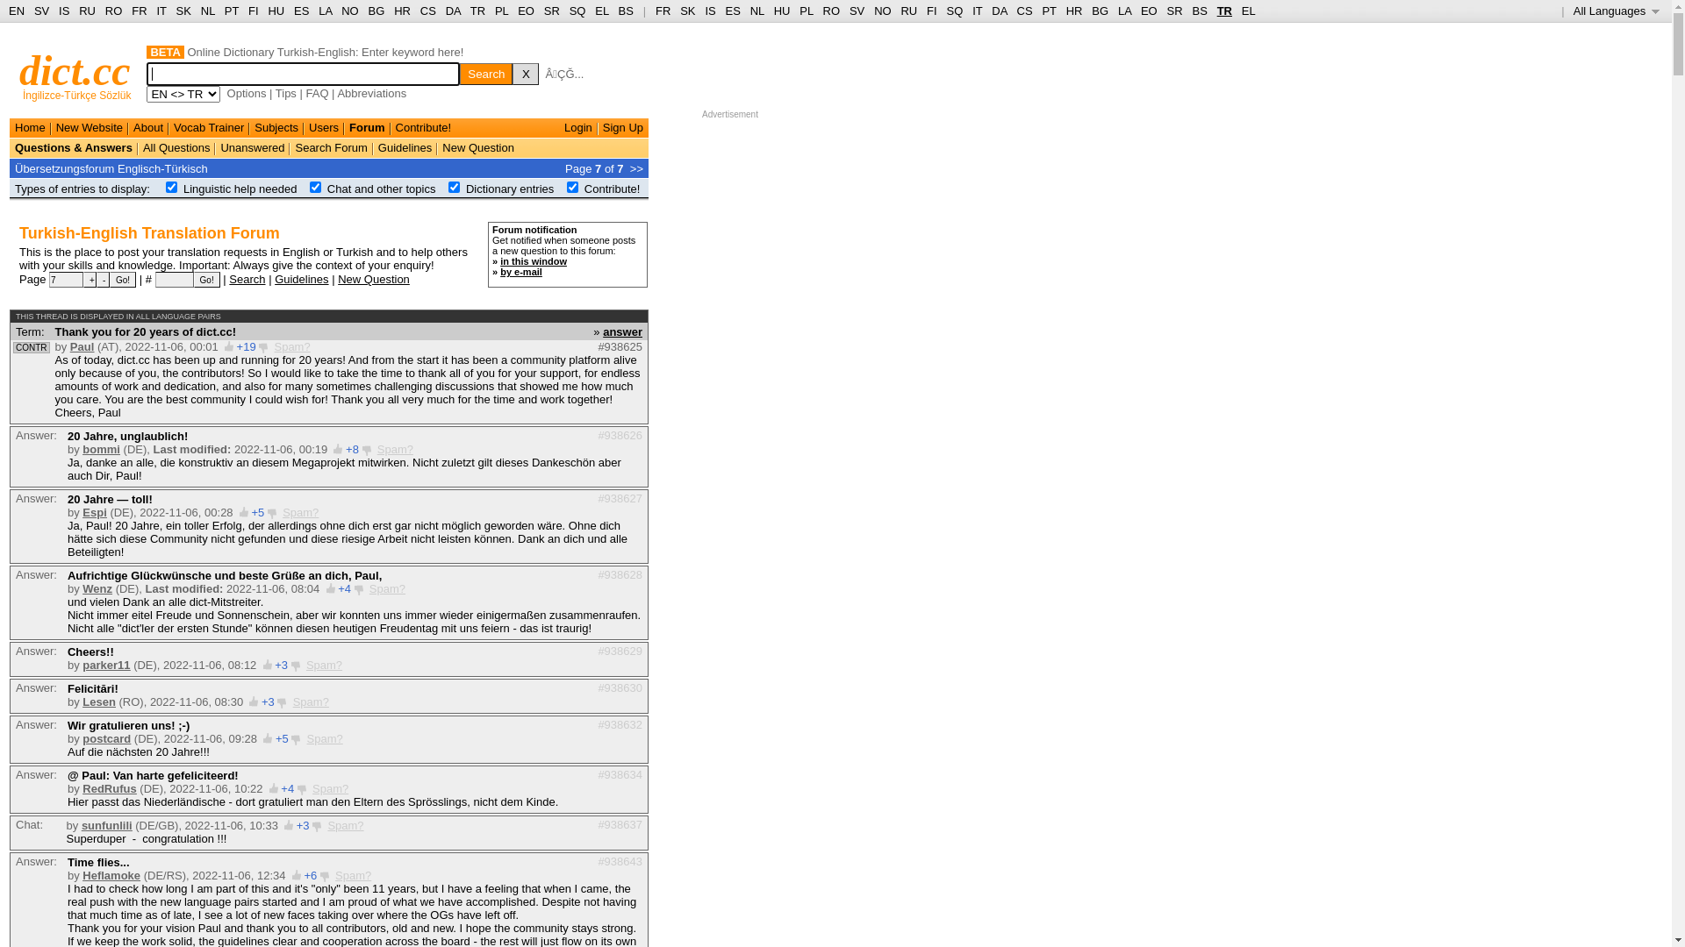  What do you see at coordinates (612, 189) in the screenshot?
I see `'Contribute!'` at bounding box center [612, 189].